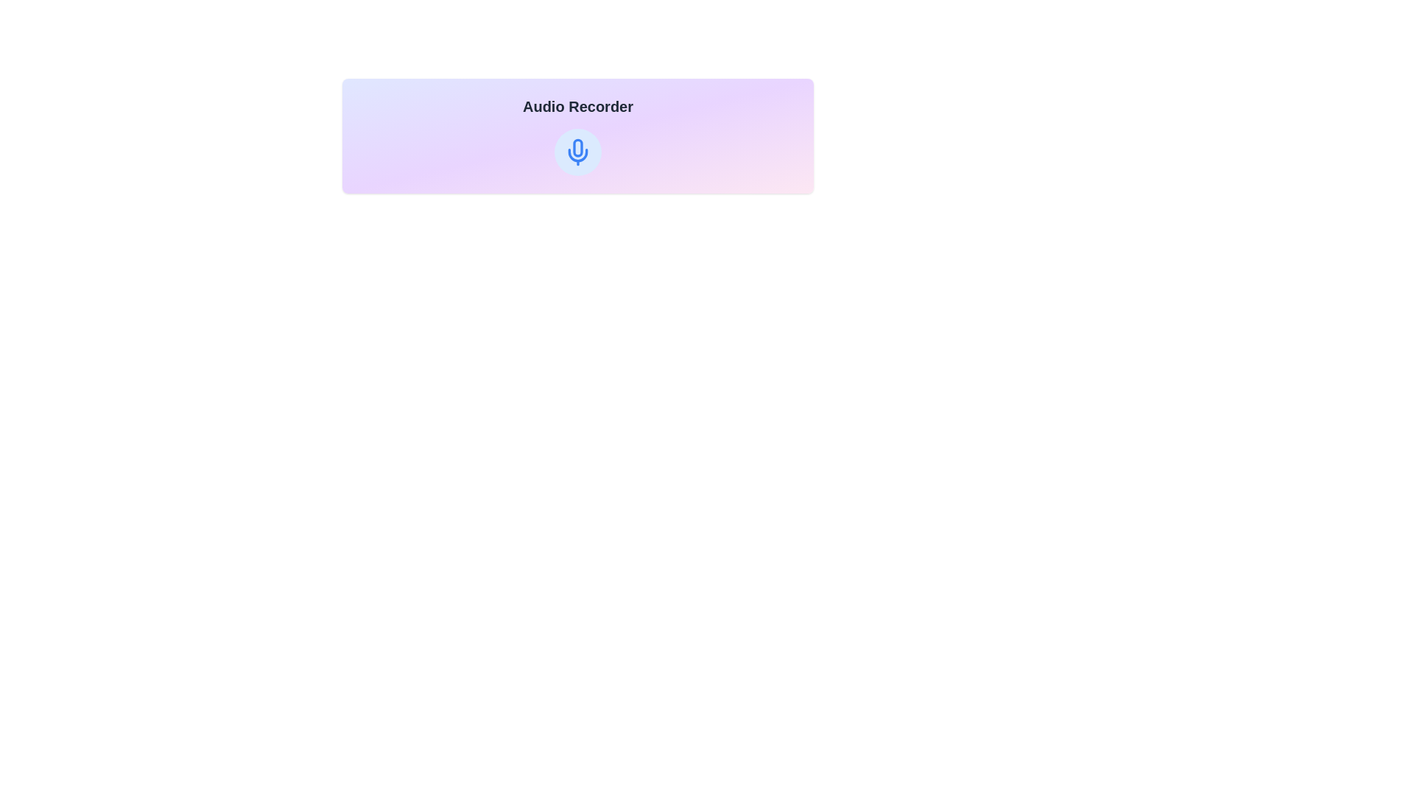  Describe the element at coordinates (577, 147) in the screenshot. I see `the microphone icon, which is an SVG image representing voice recording functionality, located centrally below the 'Audio Recorder' heading` at that location.